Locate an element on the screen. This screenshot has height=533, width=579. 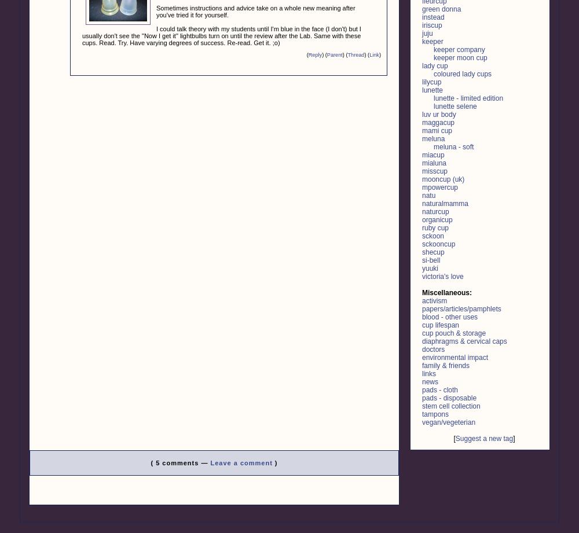
'Miscellaneous:' is located at coordinates (447, 292).